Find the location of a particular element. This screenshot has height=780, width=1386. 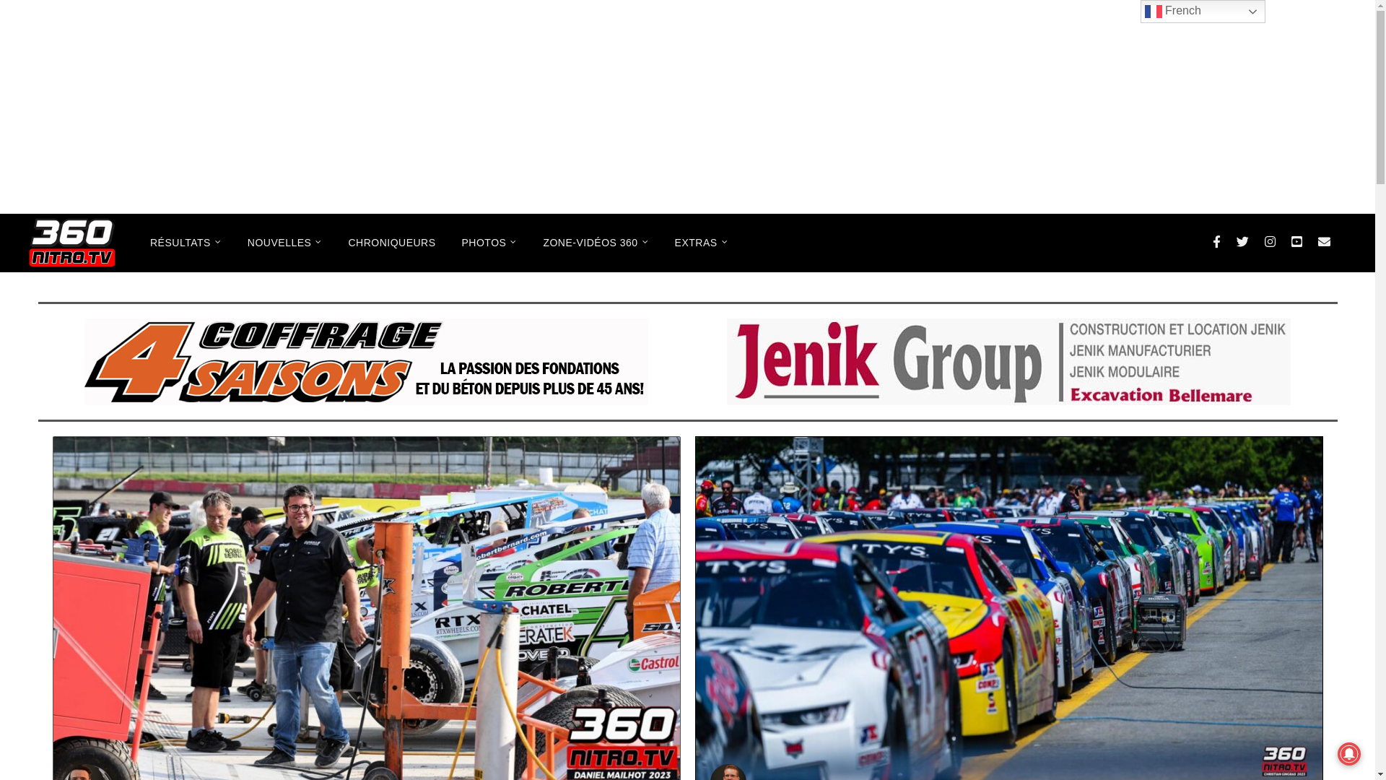

'Youtube' is located at coordinates (1296, 241).